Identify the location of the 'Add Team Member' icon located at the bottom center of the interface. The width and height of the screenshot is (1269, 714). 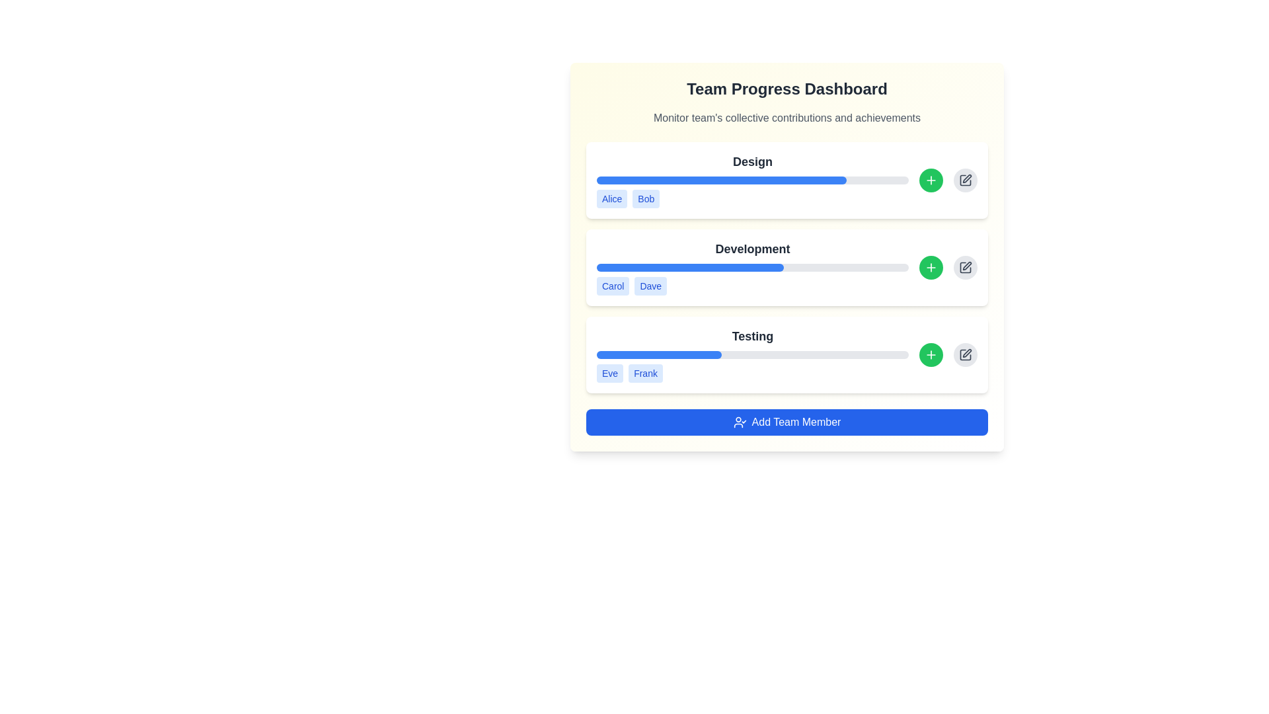
(739, 422).